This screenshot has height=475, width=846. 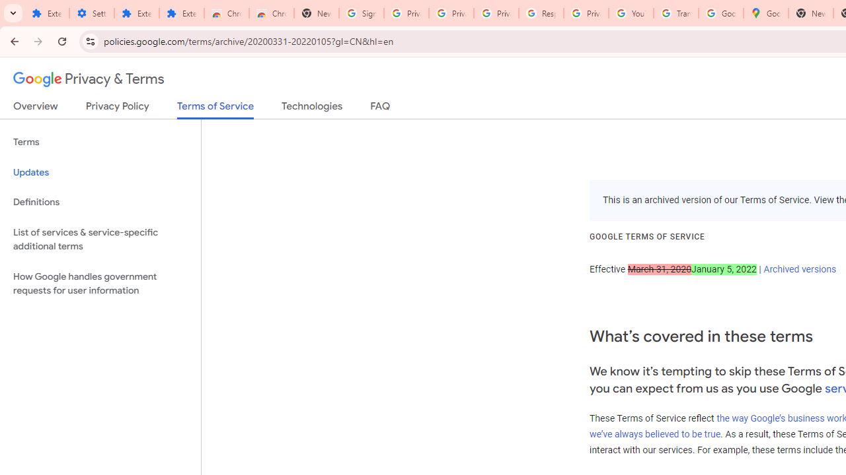 I want to click on 'How Google handles government requests for user information', so click(x=100, y=282).